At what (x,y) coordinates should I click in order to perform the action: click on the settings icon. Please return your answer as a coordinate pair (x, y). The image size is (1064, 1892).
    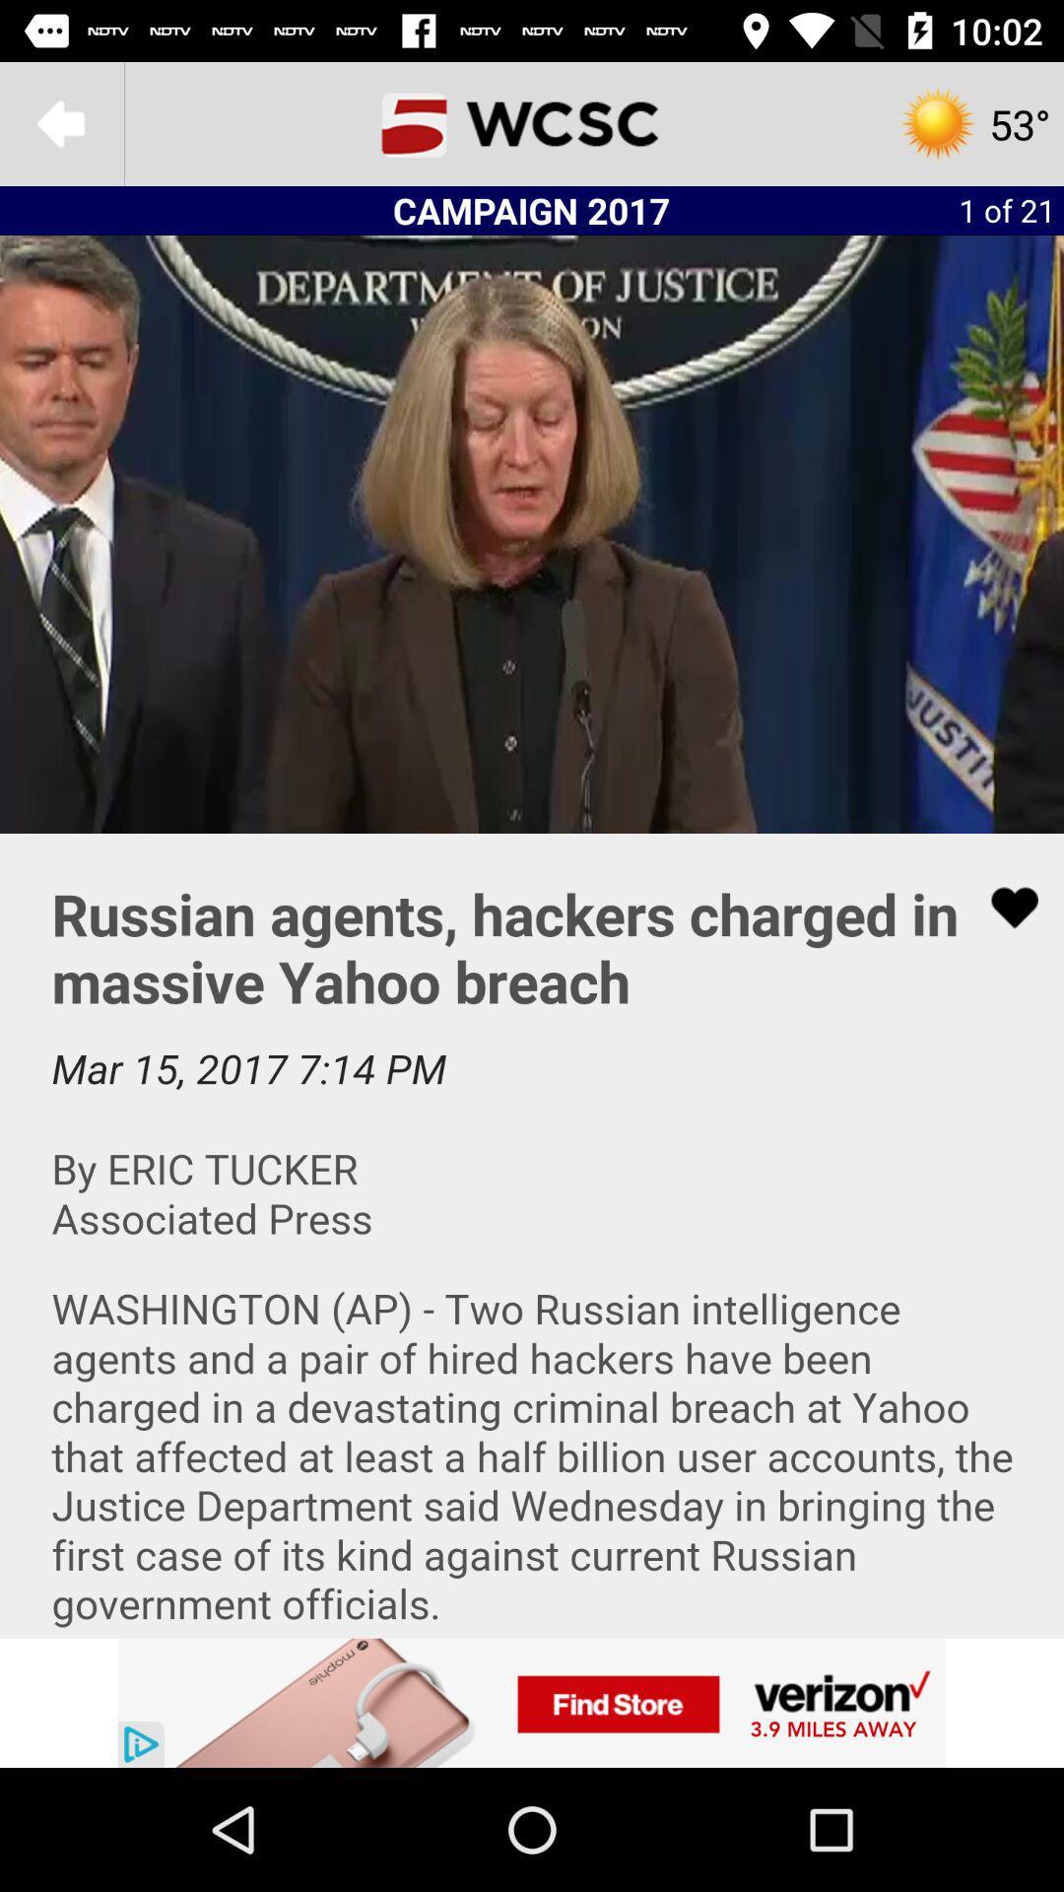
    Looking at the image, I should click on (973, 122).